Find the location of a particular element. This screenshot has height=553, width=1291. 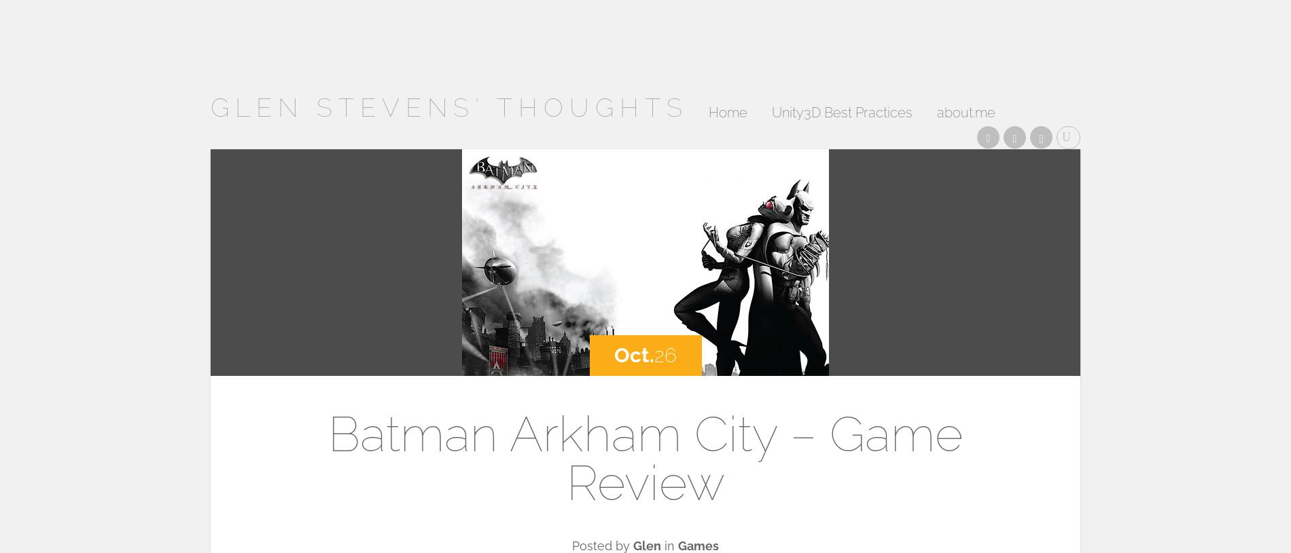

'Games' is located at coordinates (698, 546).